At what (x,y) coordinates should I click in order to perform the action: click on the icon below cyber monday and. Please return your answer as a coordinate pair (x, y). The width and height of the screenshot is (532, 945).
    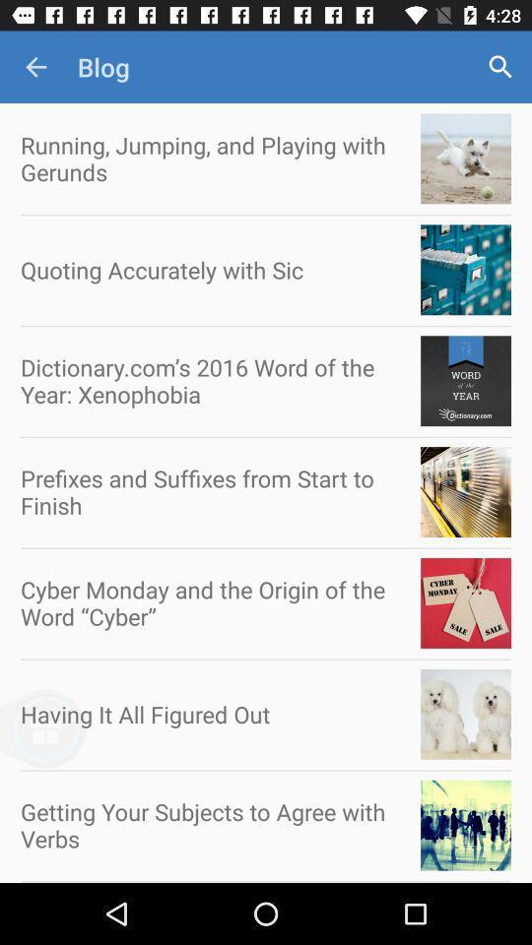
    Looking at the image, I should click on (76, 739).